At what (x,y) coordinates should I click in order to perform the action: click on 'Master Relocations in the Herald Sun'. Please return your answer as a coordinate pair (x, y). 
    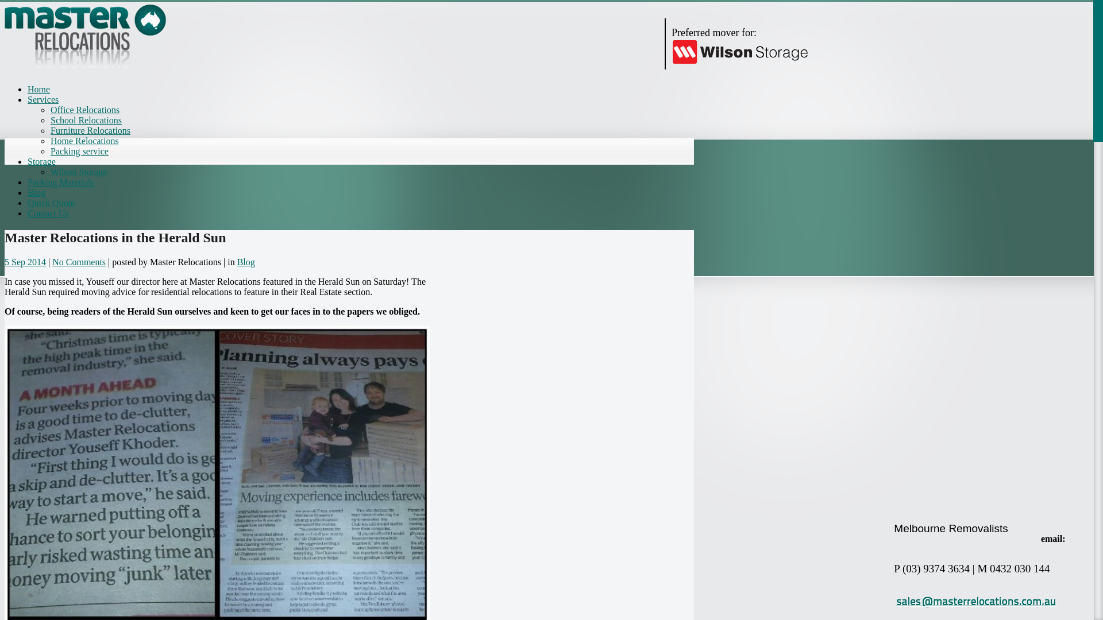
    Looking at the image, I should click on (115, 237).